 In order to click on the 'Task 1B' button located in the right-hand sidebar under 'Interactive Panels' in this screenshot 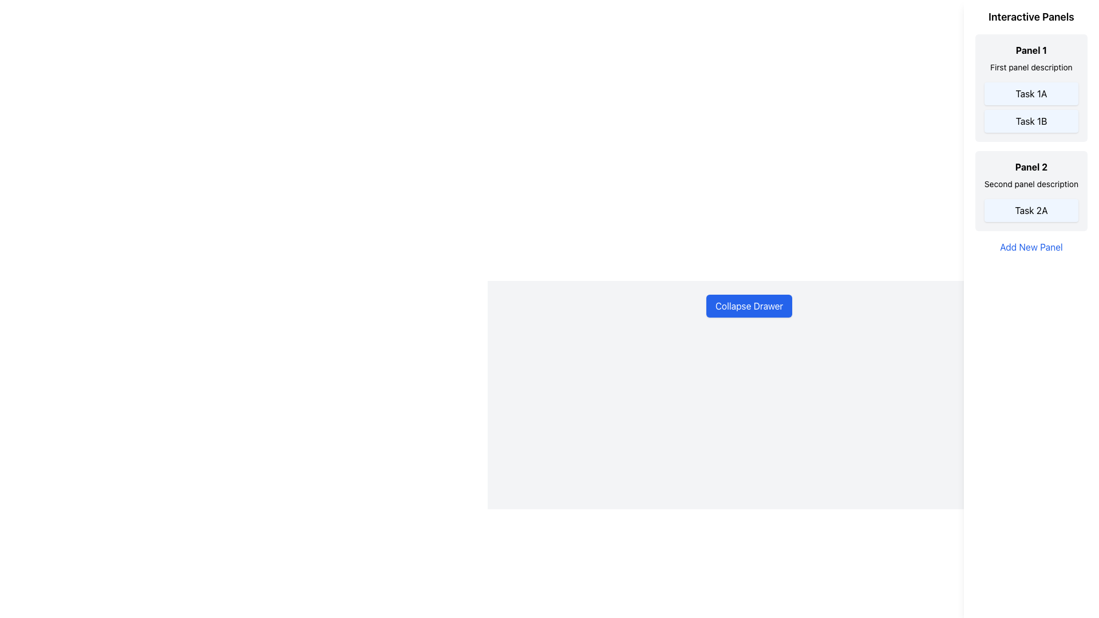, I will do `click(1031, 121)`.